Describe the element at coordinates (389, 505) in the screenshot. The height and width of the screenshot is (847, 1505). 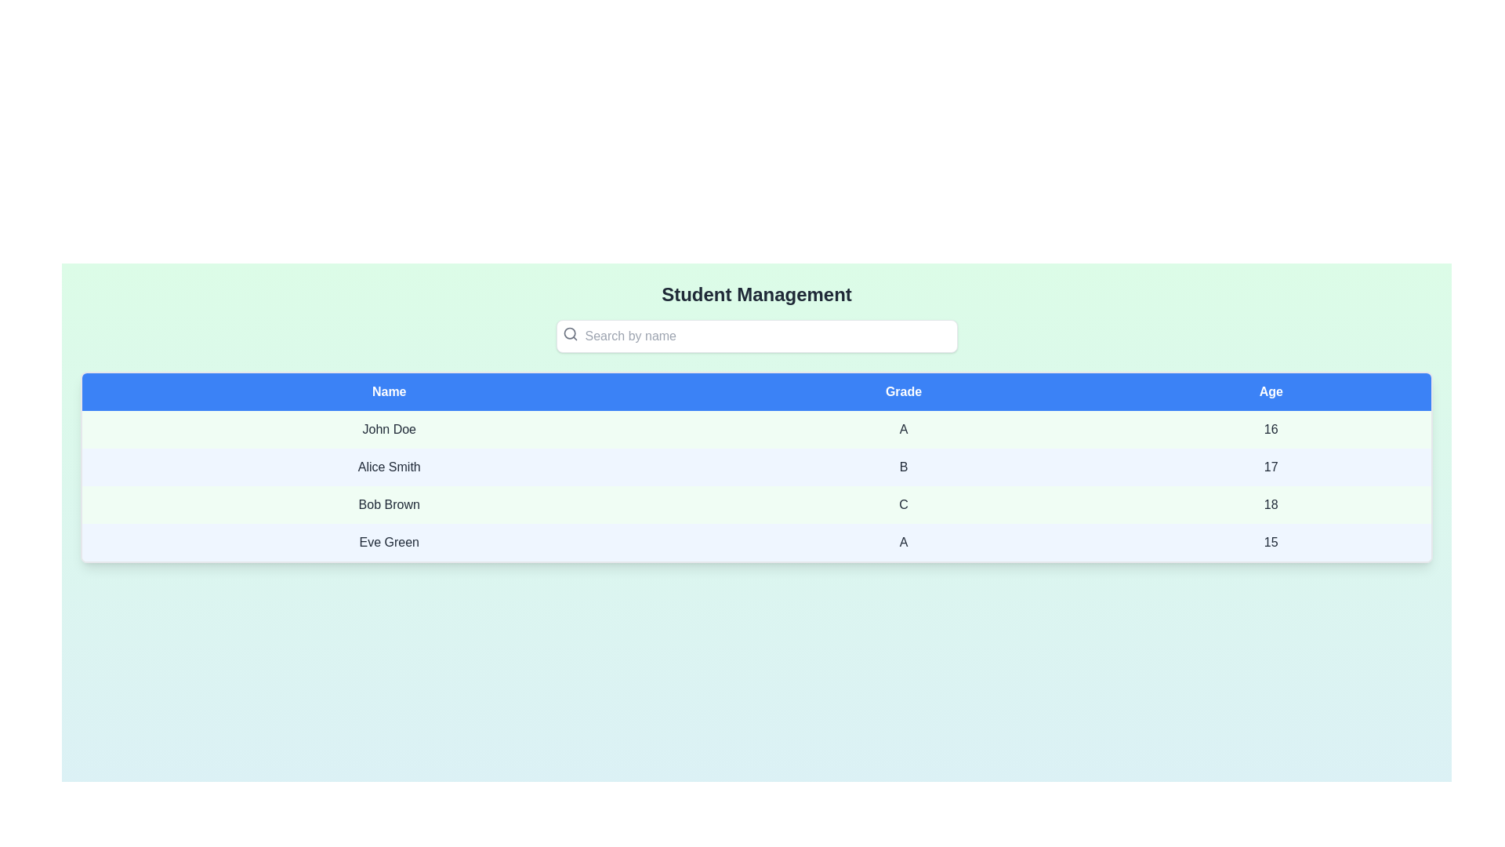
I see `the Text Display element that shows 'Bob Brown' in bold black font, located in the first column of the third row under the 'Name' header of a table` at that location.